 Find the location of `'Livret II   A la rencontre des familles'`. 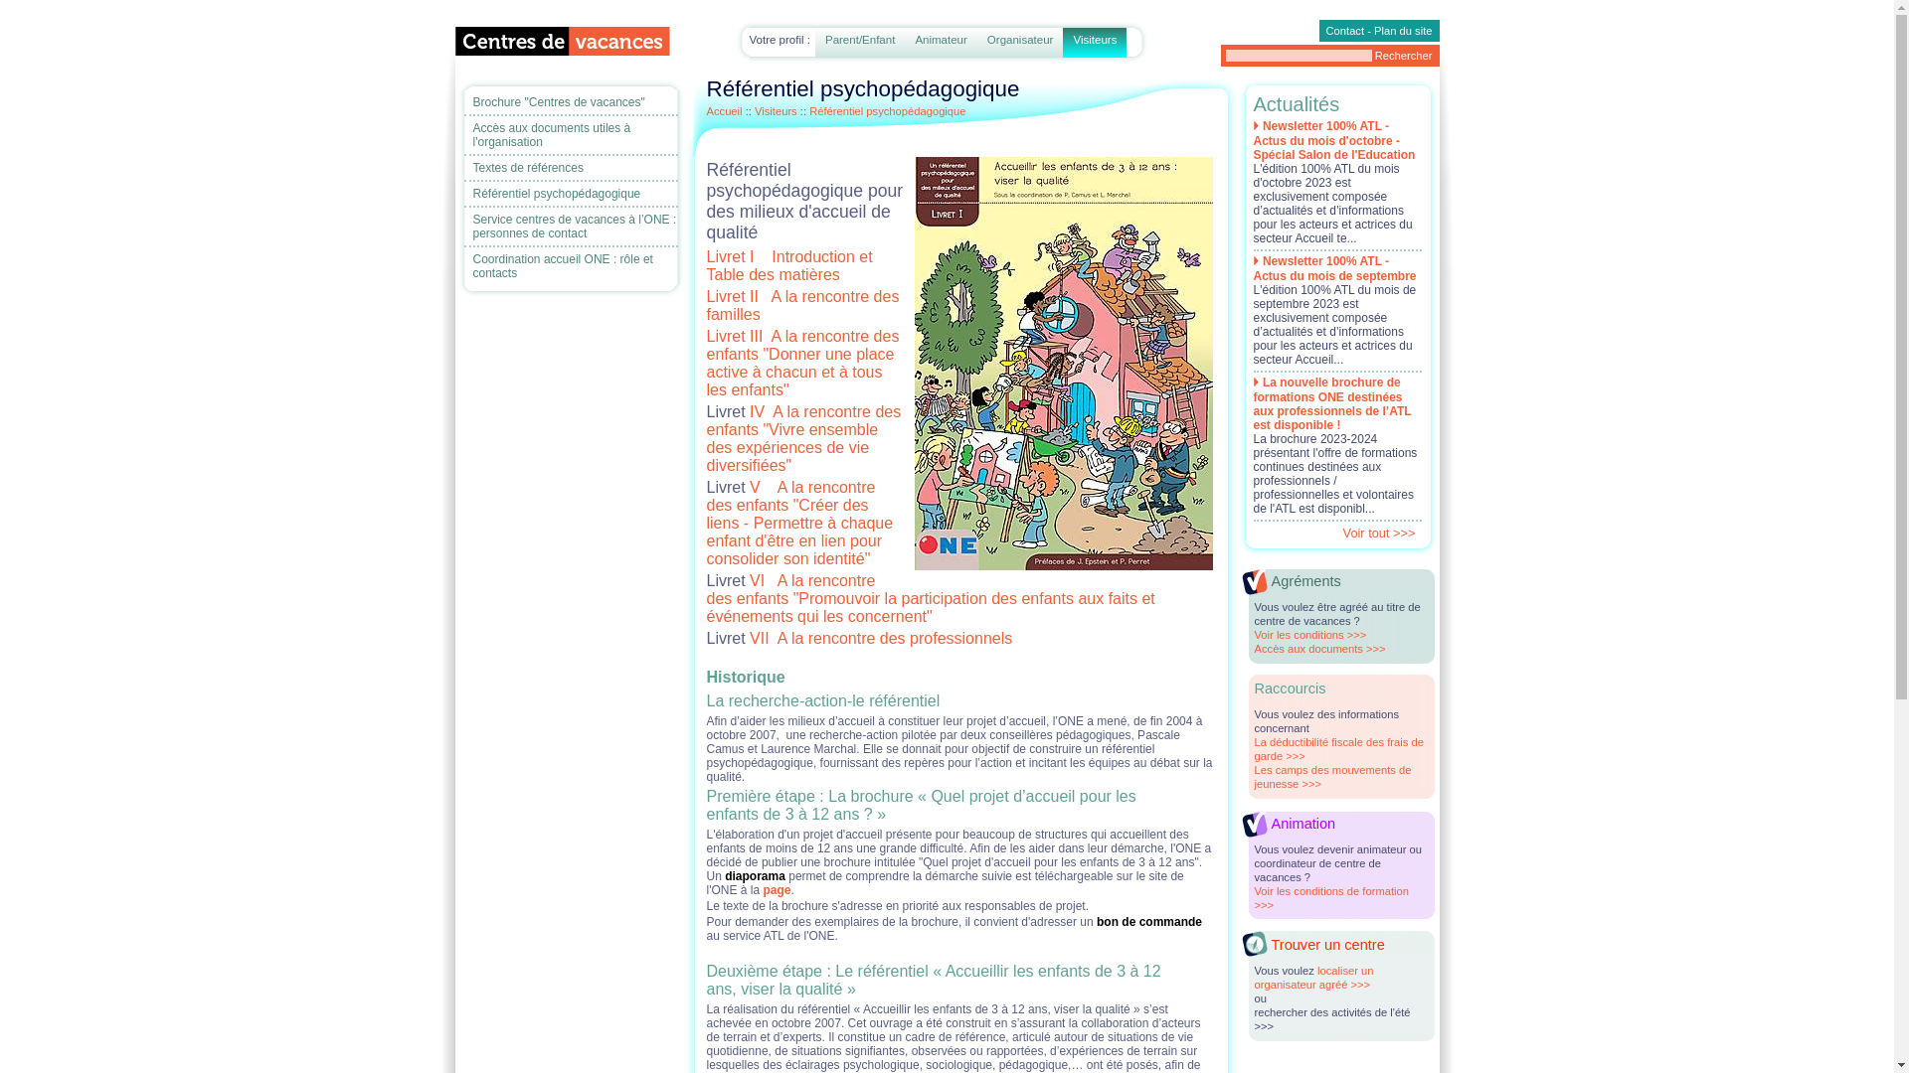

'Livret II   A la rencontre des familles' is located at coordinates (801, 305).